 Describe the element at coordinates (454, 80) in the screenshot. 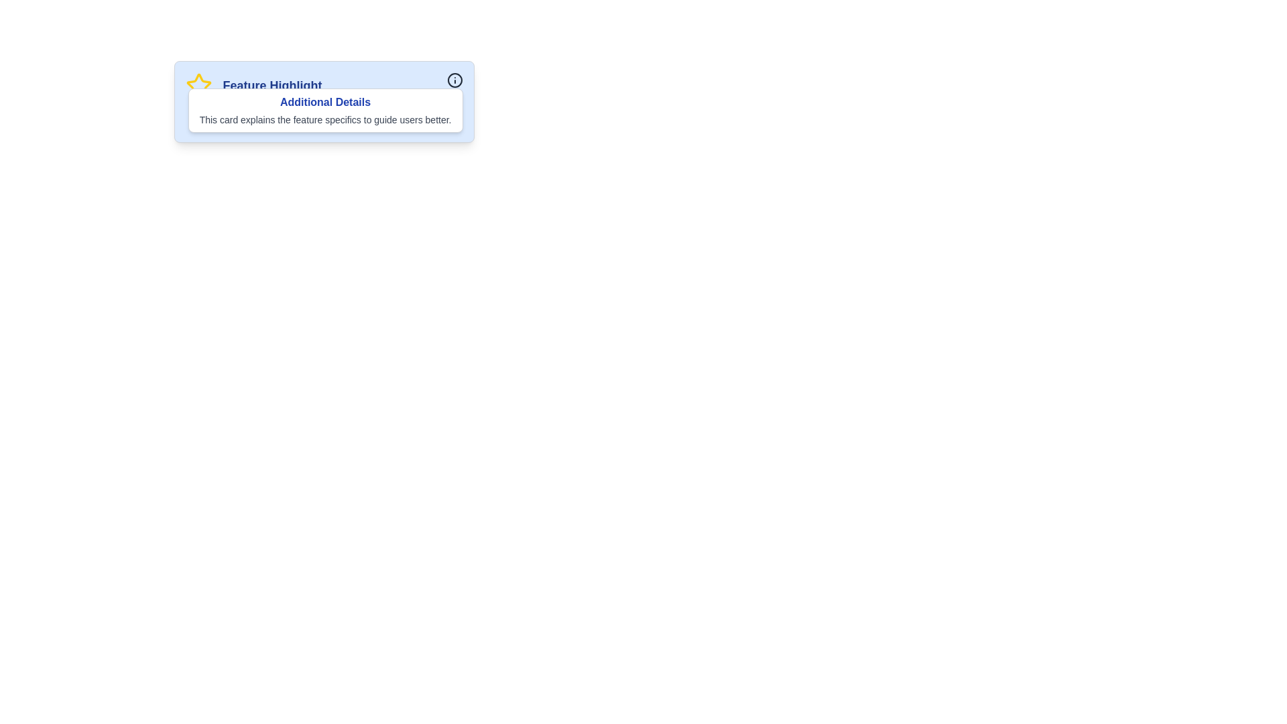

I see `the informational icon located in the top-right corner of the card, above the 'Feature Highlight' and 'Additional Details' text` at that location.